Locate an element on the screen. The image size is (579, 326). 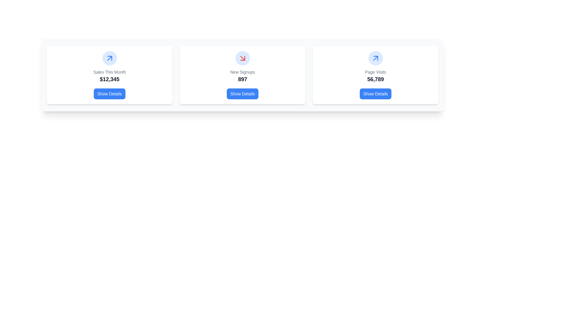
the Card component displaying 'Page Visits' statistics, located at the far right of the row of three cards is located at coordinates (375, 75).